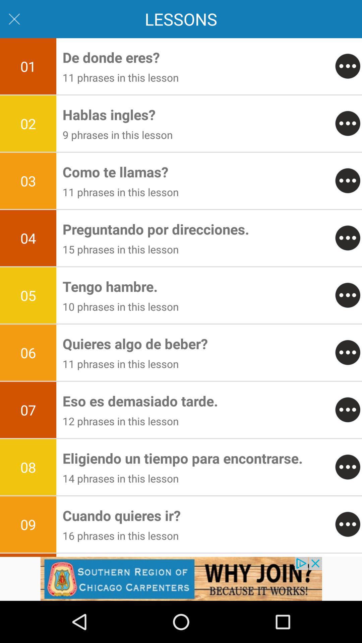 Image resolution: width=362 pixels, height=643 pixels. Describe the element at coordinates (14, 19) in the screenshot. I see `the close icon` at that location.